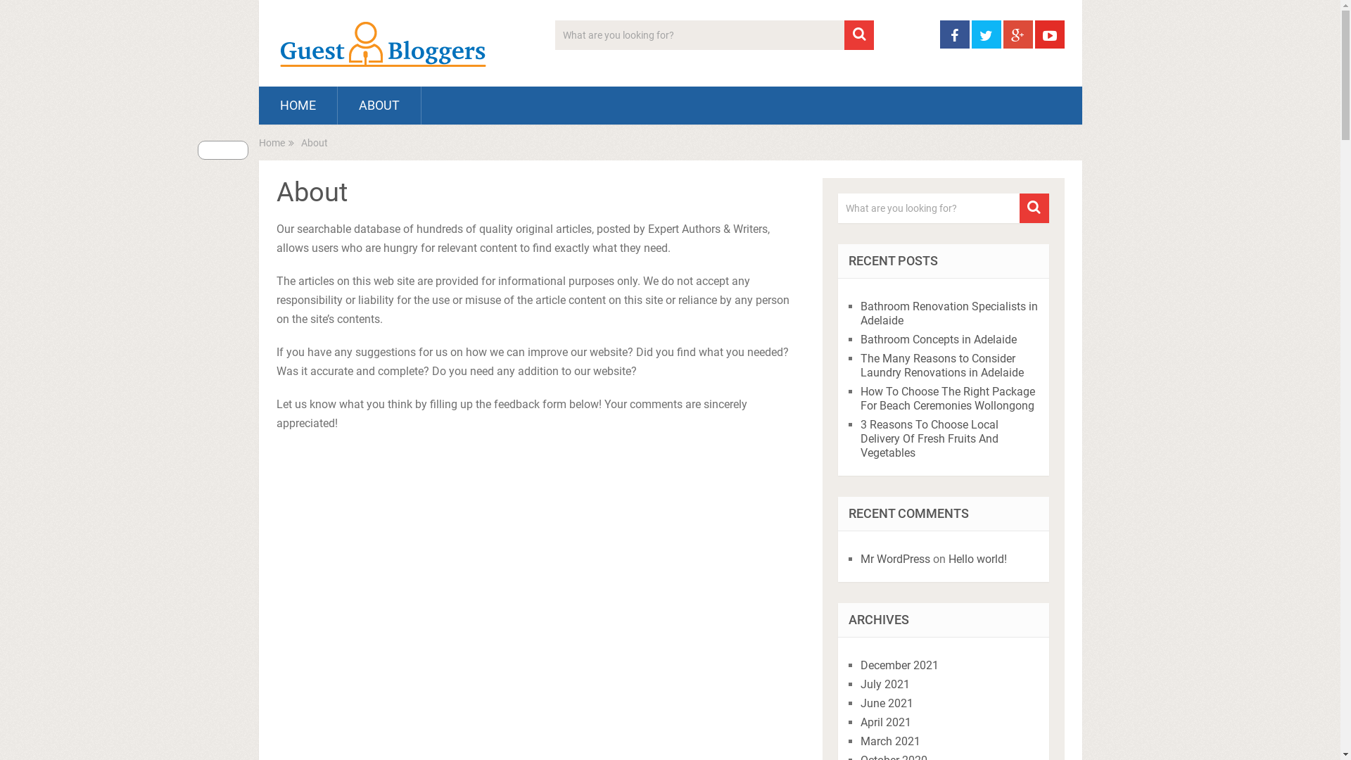 This screenshot has height=760, width=1351. What do you see at coordinates (860, 683) in the screenshot?
I see `'July 2021'` at bounding box center [860, 683].